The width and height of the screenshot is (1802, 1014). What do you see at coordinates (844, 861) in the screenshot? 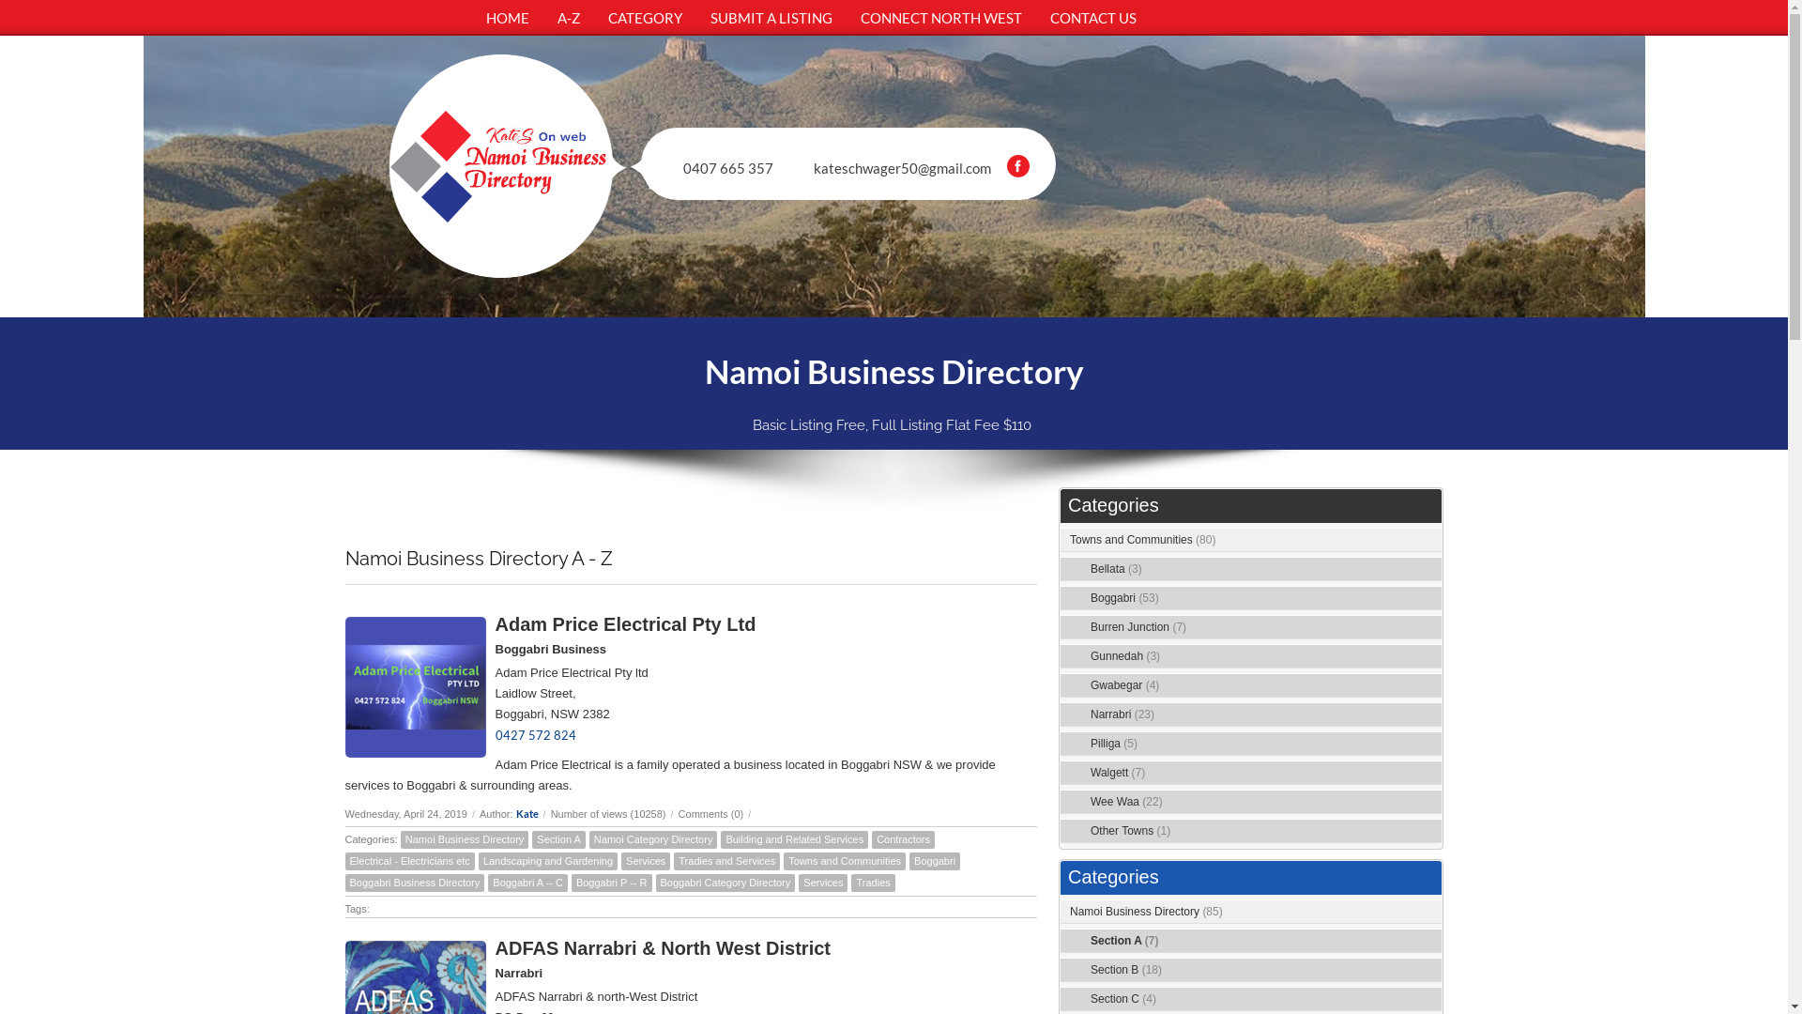
I see `'Towns and Communities'` at bounding box center [844, 861].